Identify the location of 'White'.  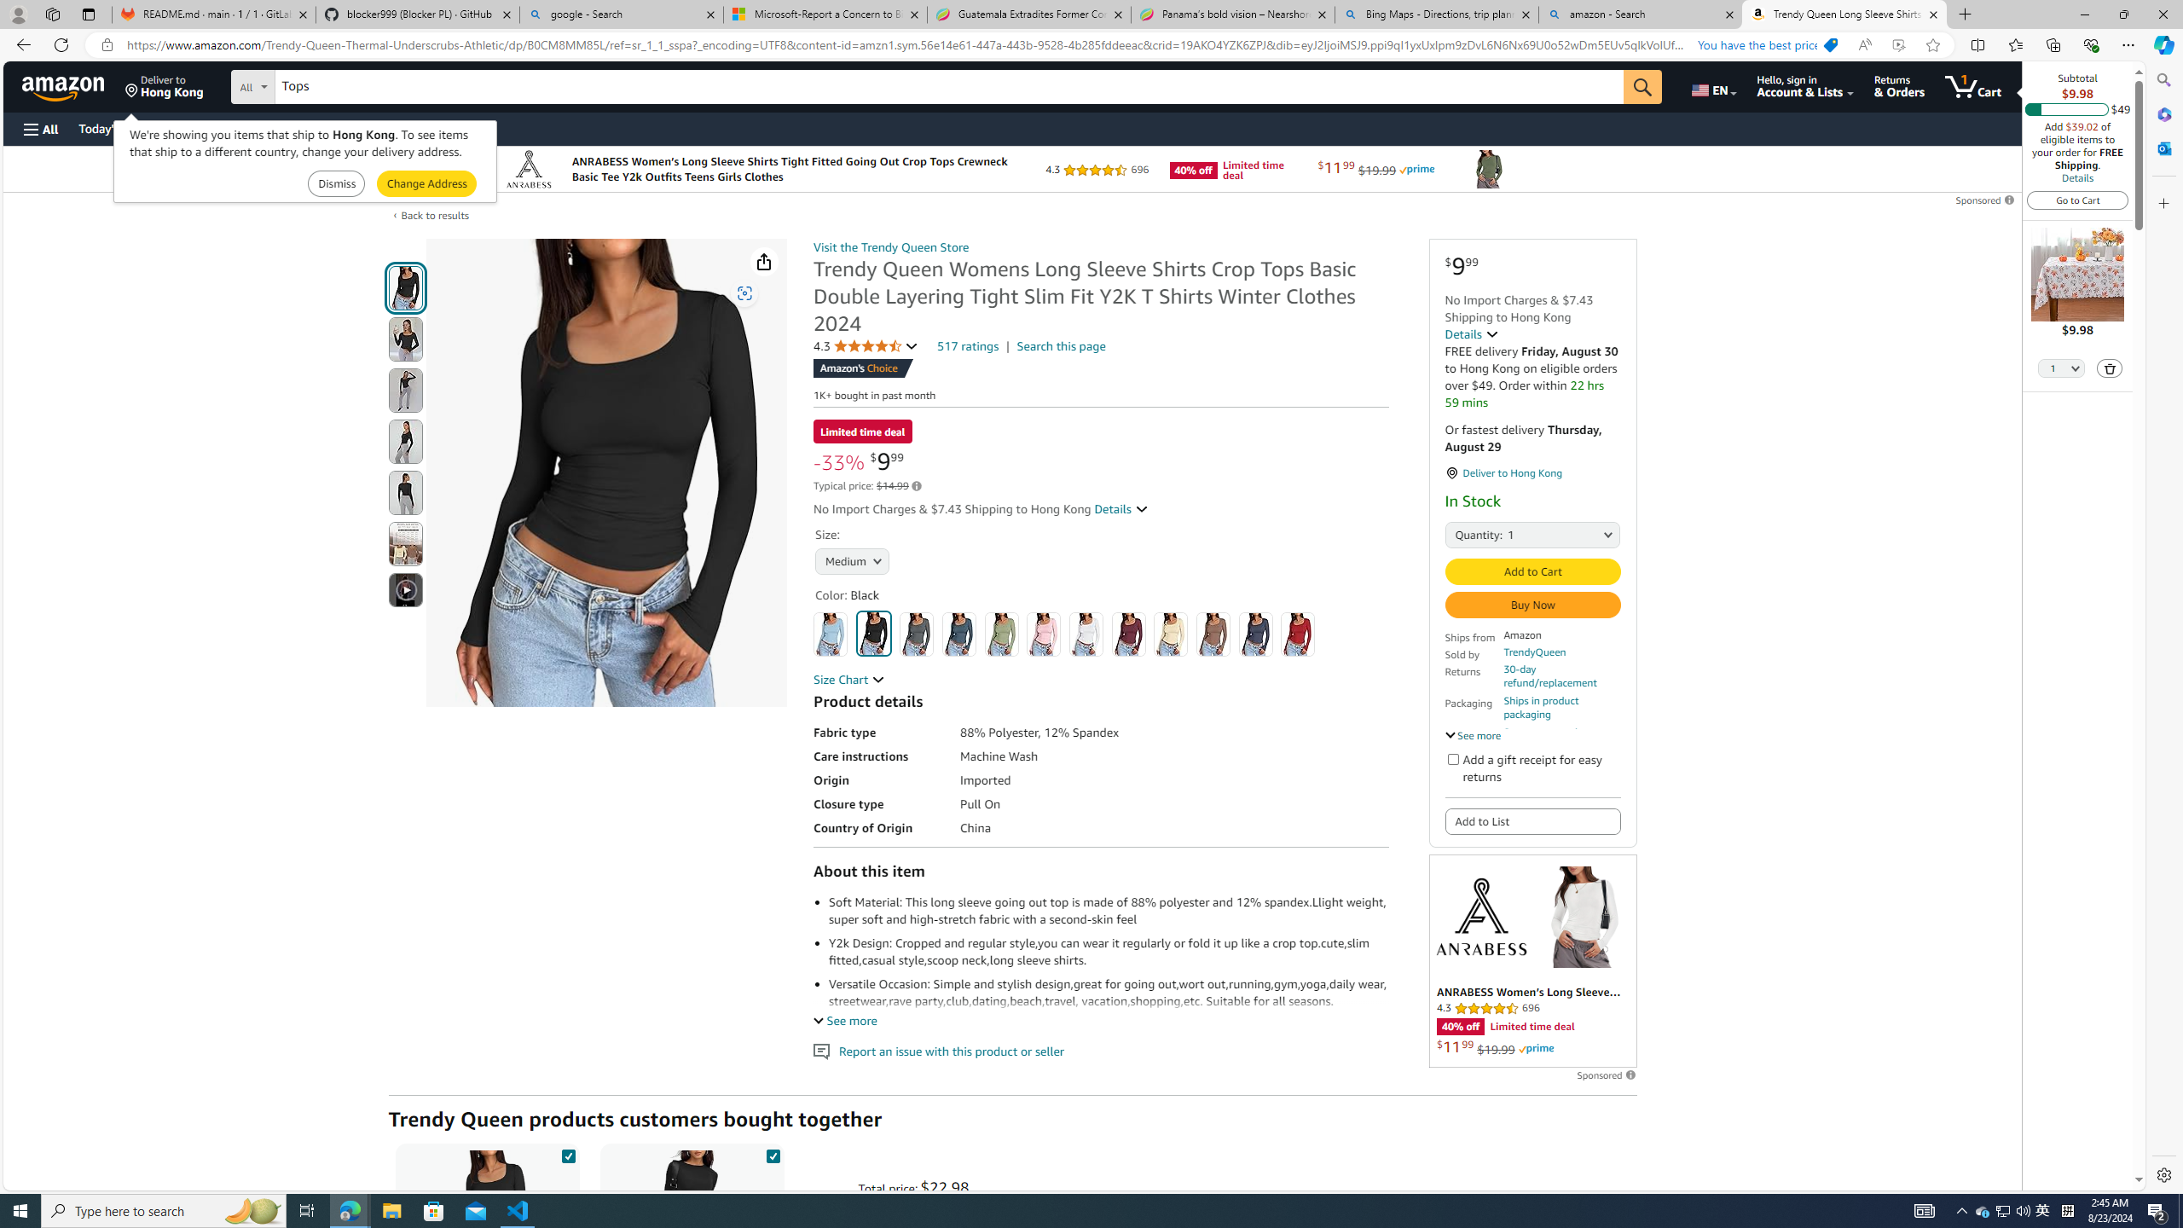
(1085, 633).